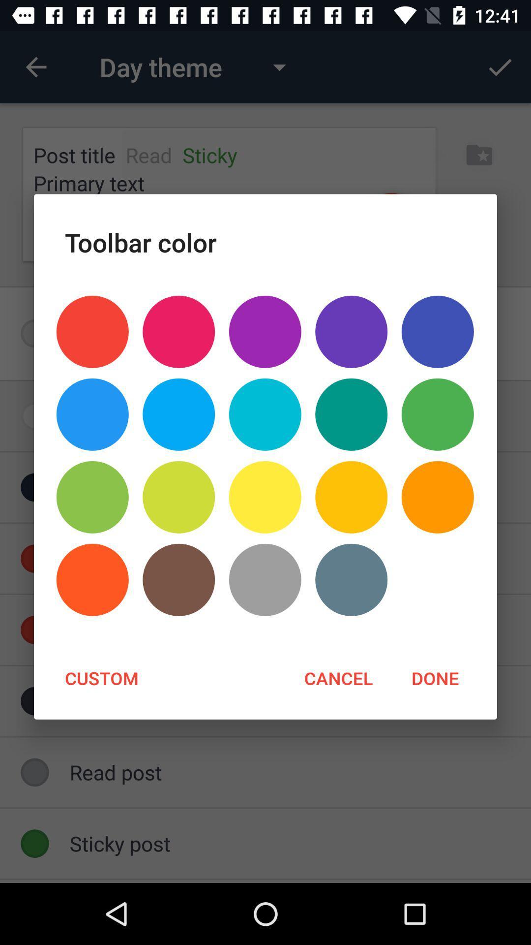  What do you see at coordinates (338, 677) in the screenshot?
I see `the cancel at the bottom` at bounding box center [338, 677].